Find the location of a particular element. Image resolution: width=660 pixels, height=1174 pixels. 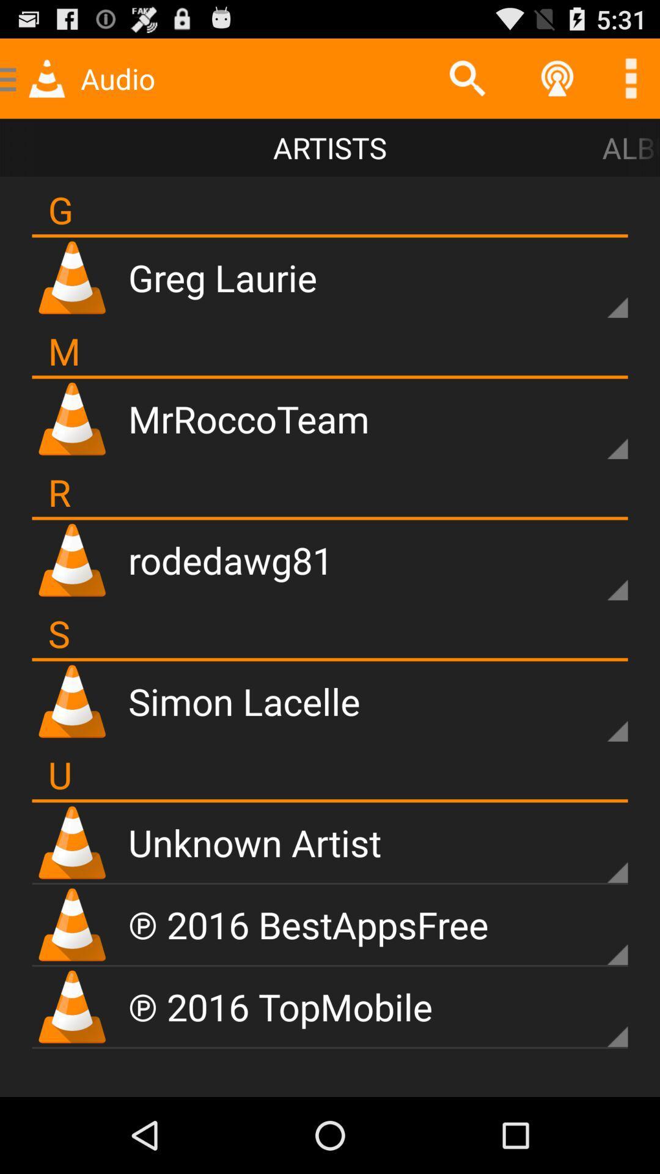

the icon below the u item is located at coordinates (330, 800).